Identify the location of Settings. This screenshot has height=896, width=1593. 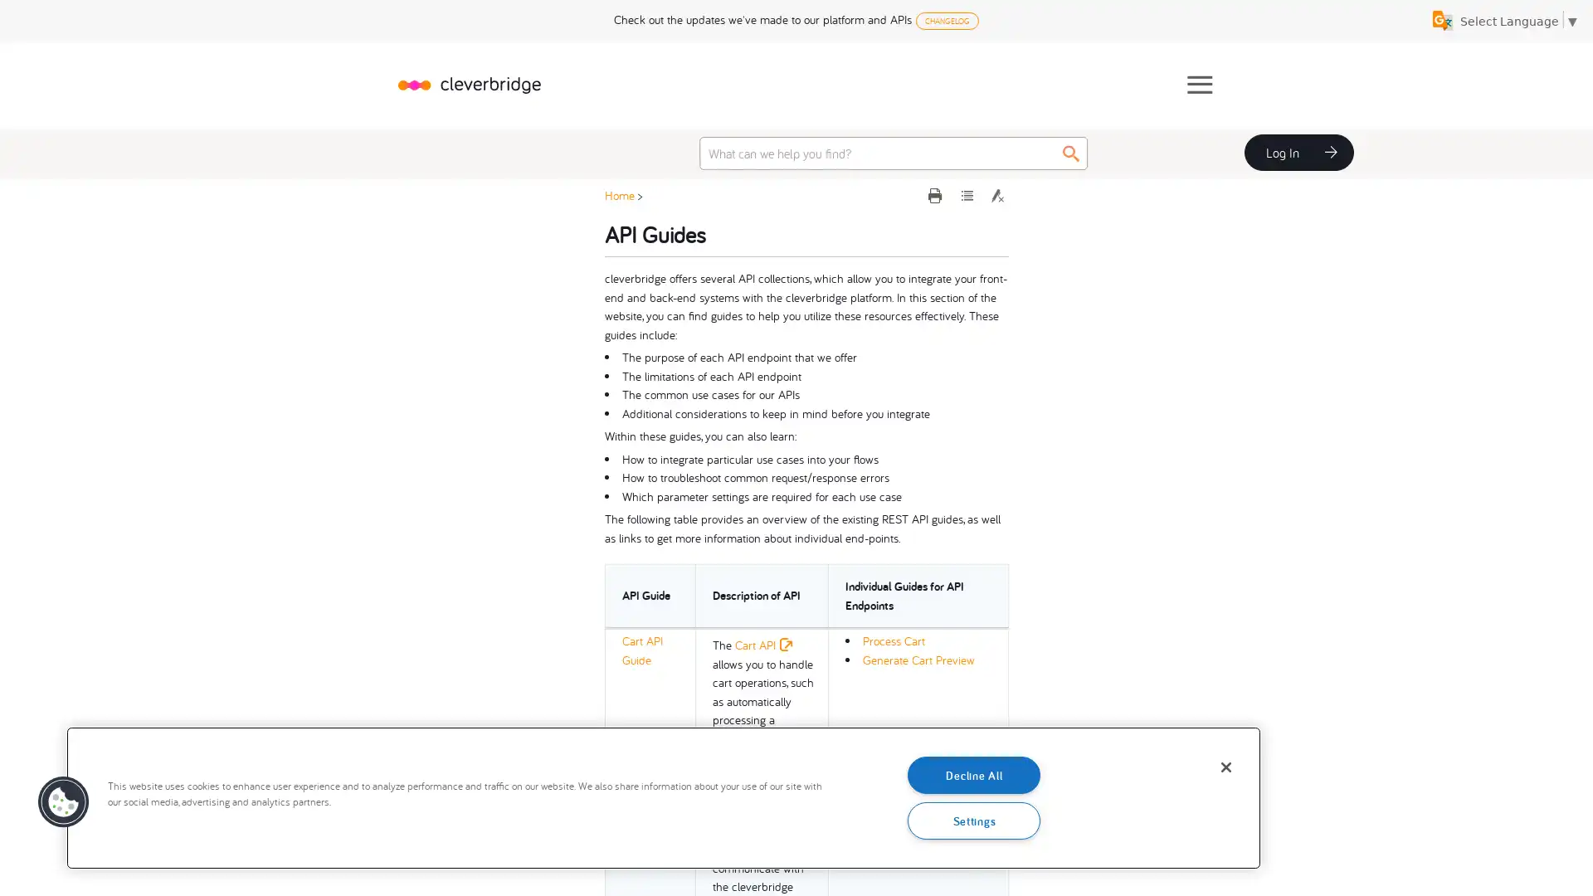
(974, 819).